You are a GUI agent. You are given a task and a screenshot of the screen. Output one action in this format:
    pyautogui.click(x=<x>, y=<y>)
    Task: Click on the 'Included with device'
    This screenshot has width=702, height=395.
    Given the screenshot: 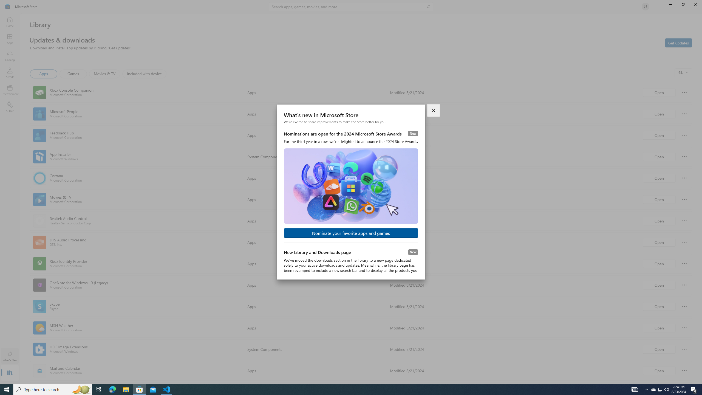 What is the action you would take?
    pyautogui.click(x=144, y=74)
    